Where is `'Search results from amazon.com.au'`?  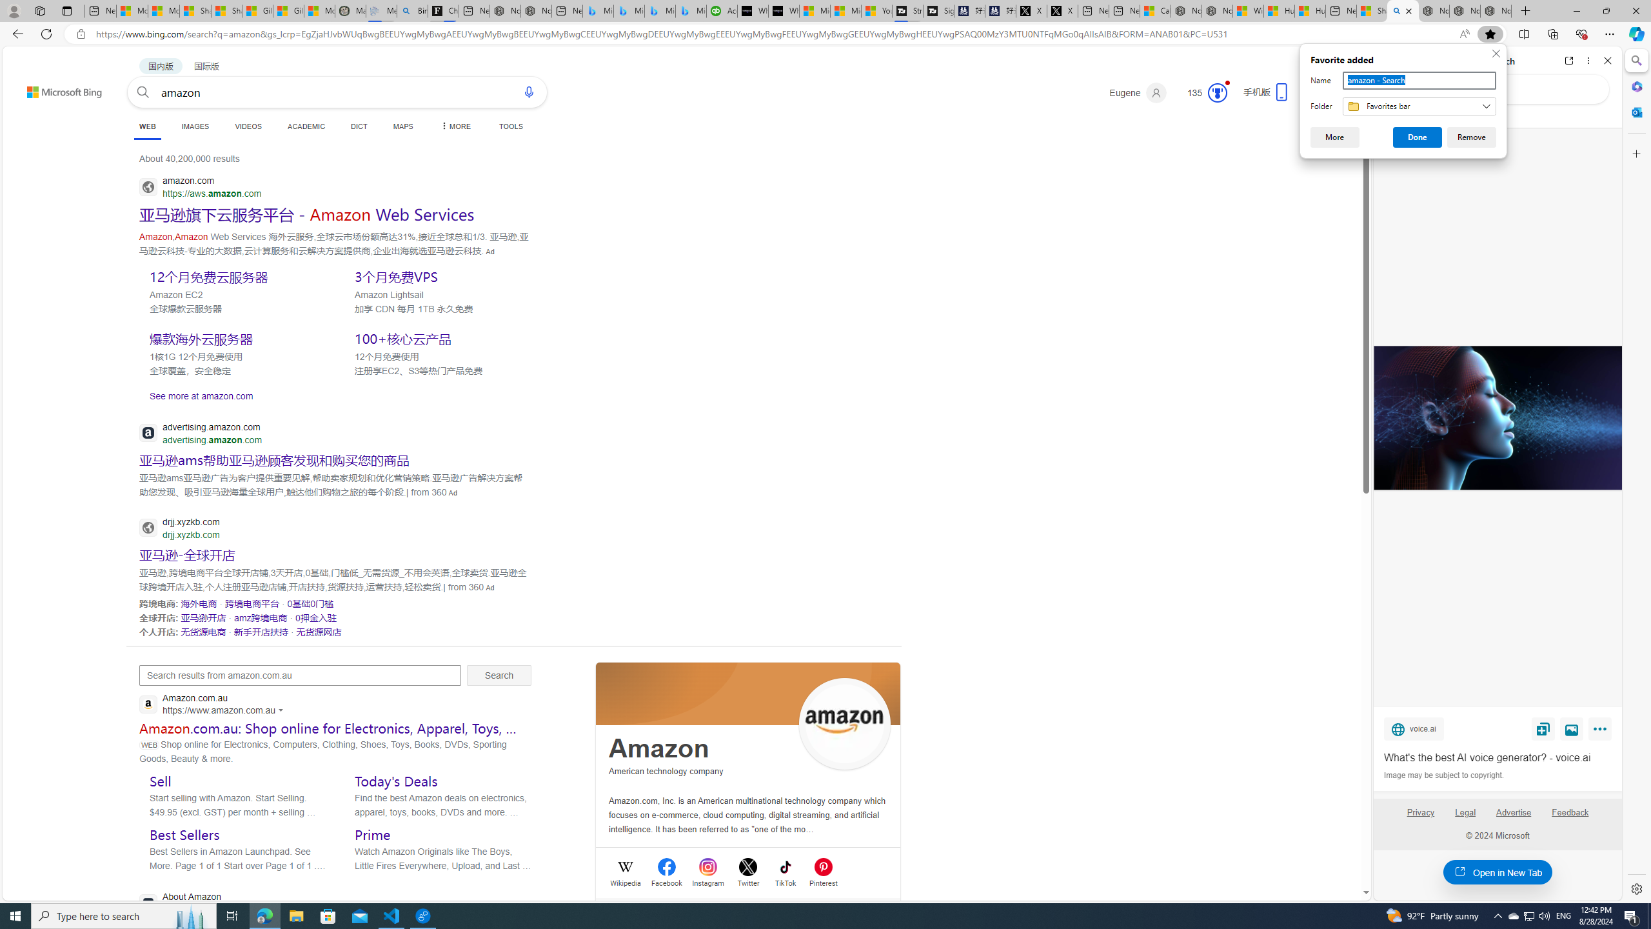 'Search results from amazon.com.au' is located at coordinates (299, 674).